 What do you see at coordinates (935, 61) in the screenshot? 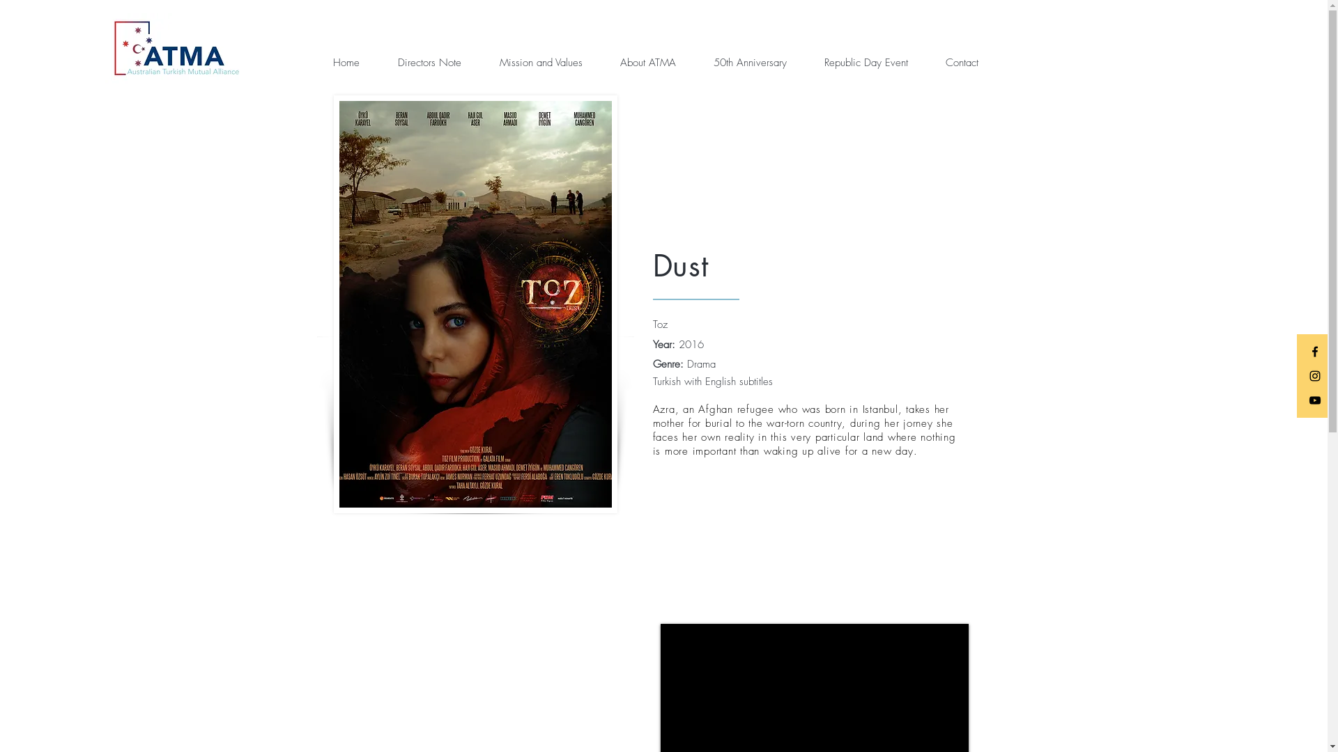
I see `'Contact'` at bounding box center [935, 61].